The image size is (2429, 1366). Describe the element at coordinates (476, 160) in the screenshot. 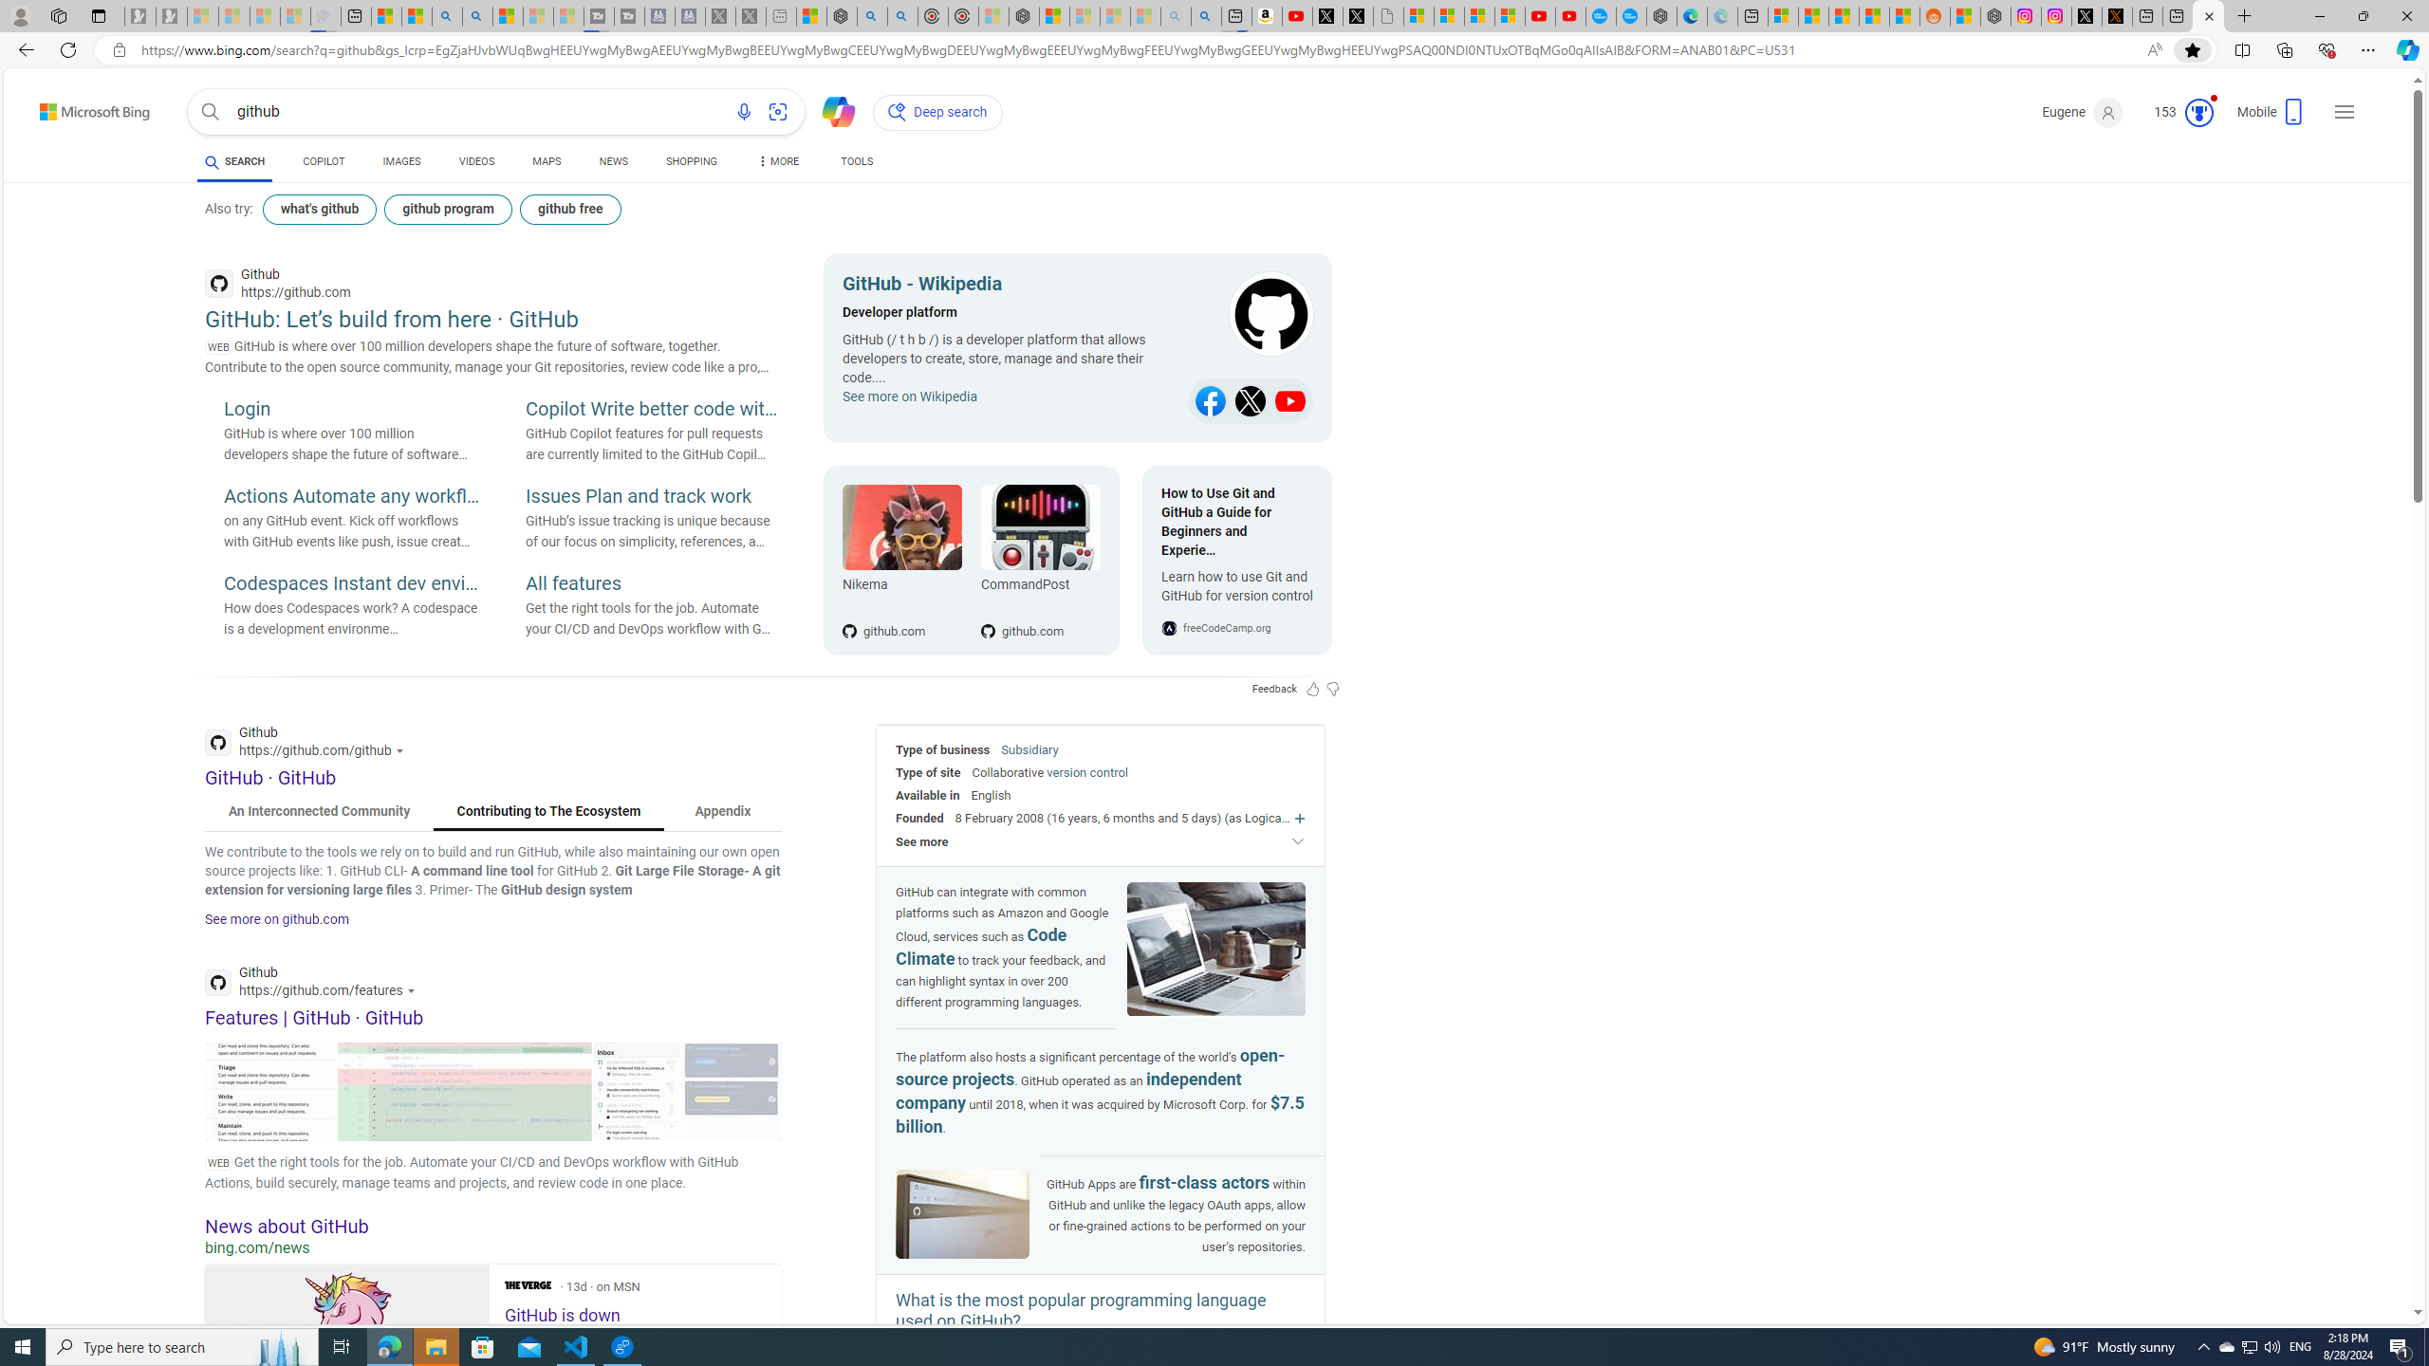

I see `'VIDEOS'` at that location.